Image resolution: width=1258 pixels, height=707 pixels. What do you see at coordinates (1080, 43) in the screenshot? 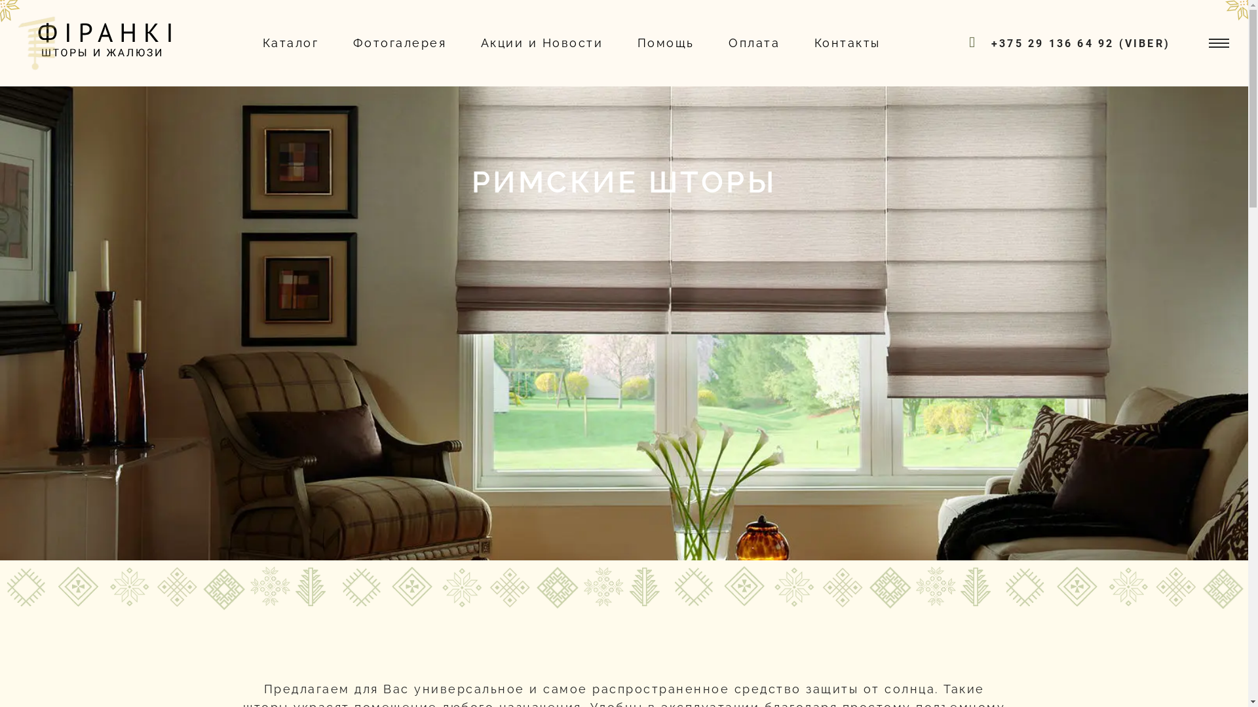
I see `'+375 29 136 64 92 (VIBER)'` at bounding box center [1080, 43].